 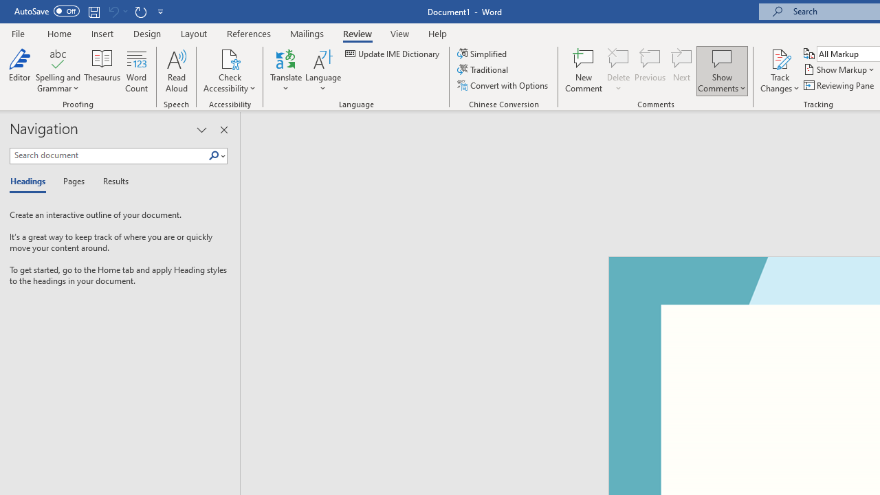 I want to click on 'Check Accessibility', so click(x=230, y=58).